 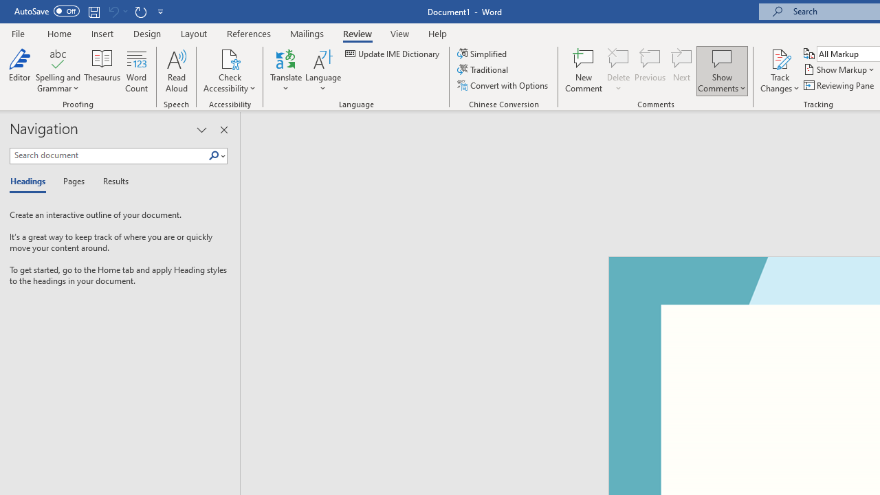 I want to click on 'Check Accessibility', so click(x=230, y=58).